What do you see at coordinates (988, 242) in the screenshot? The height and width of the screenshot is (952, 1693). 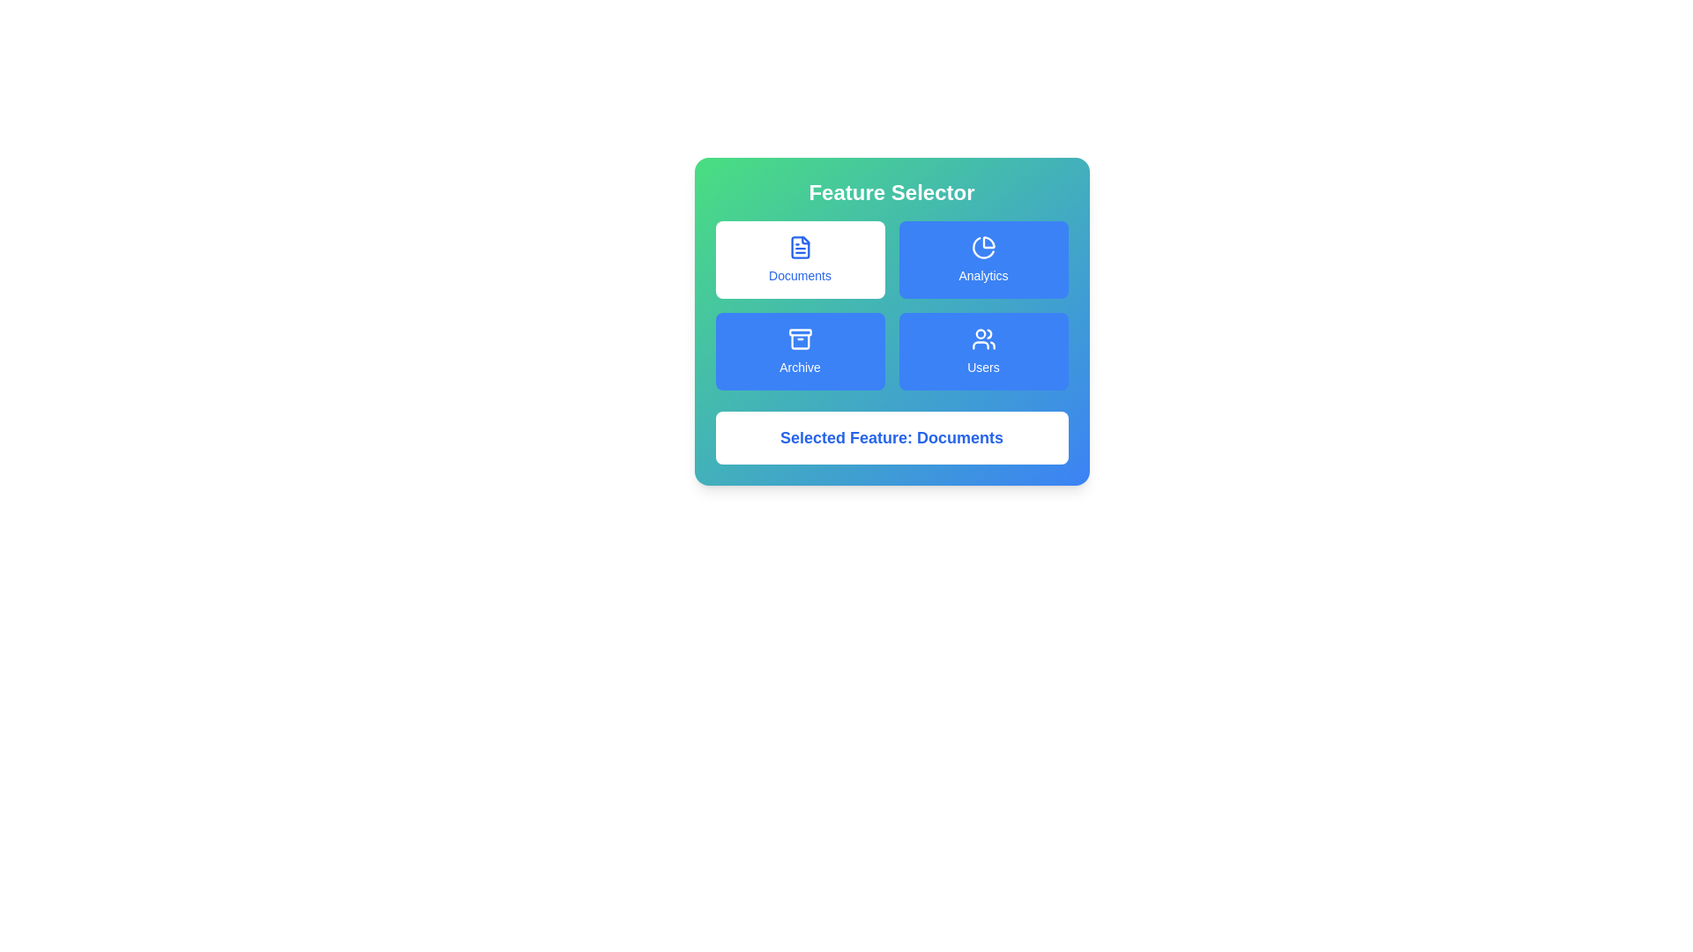 I see `the inner segment of the pie chart icon located in the top-right section of the 'Analytics' button within the 'Feature Selector' grid` at bounding box center [988, 242].